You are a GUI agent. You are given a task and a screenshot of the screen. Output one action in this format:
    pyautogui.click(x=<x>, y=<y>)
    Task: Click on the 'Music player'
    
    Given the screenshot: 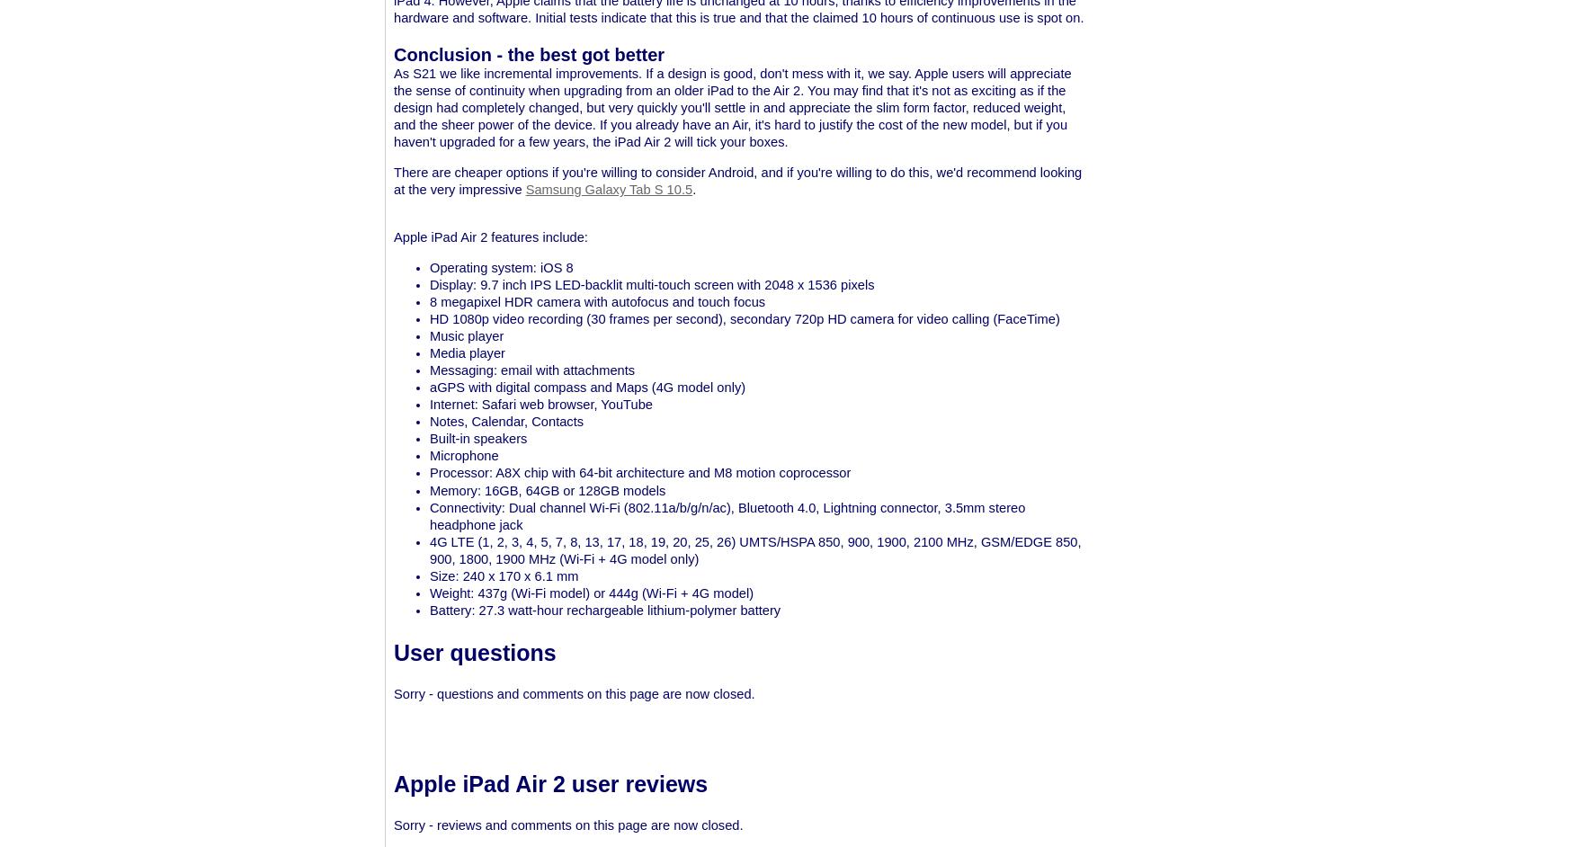 What is the action you would take?
    pyautogui.click(x=467, y=334)
    